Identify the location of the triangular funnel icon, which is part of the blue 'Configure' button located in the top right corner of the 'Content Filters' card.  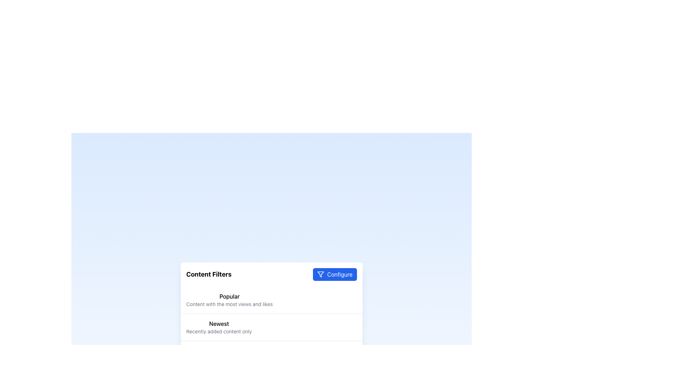
(320, 274).